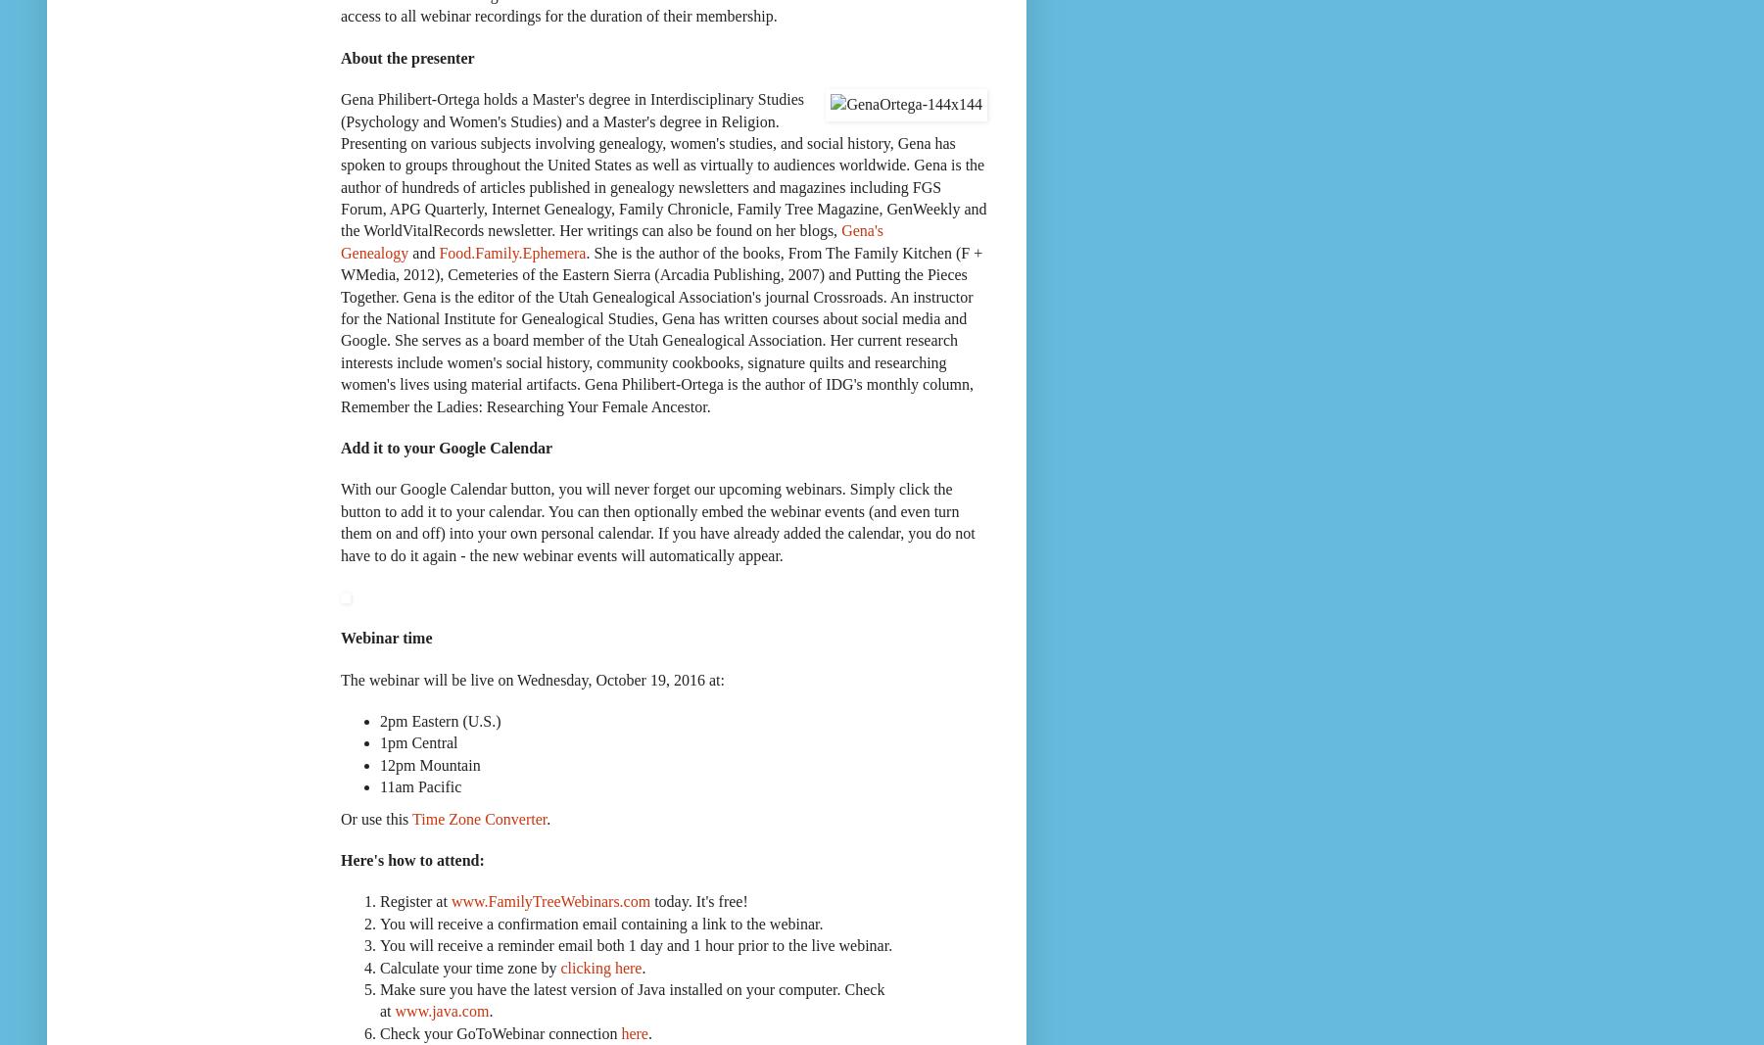 The width and height of the screenshot is (1764, 1045). What do you see at coordinates (500, 1032) in the screenshot?
I see `'Check your GoToWebinar connection'` at bounding box center [500, 1032].